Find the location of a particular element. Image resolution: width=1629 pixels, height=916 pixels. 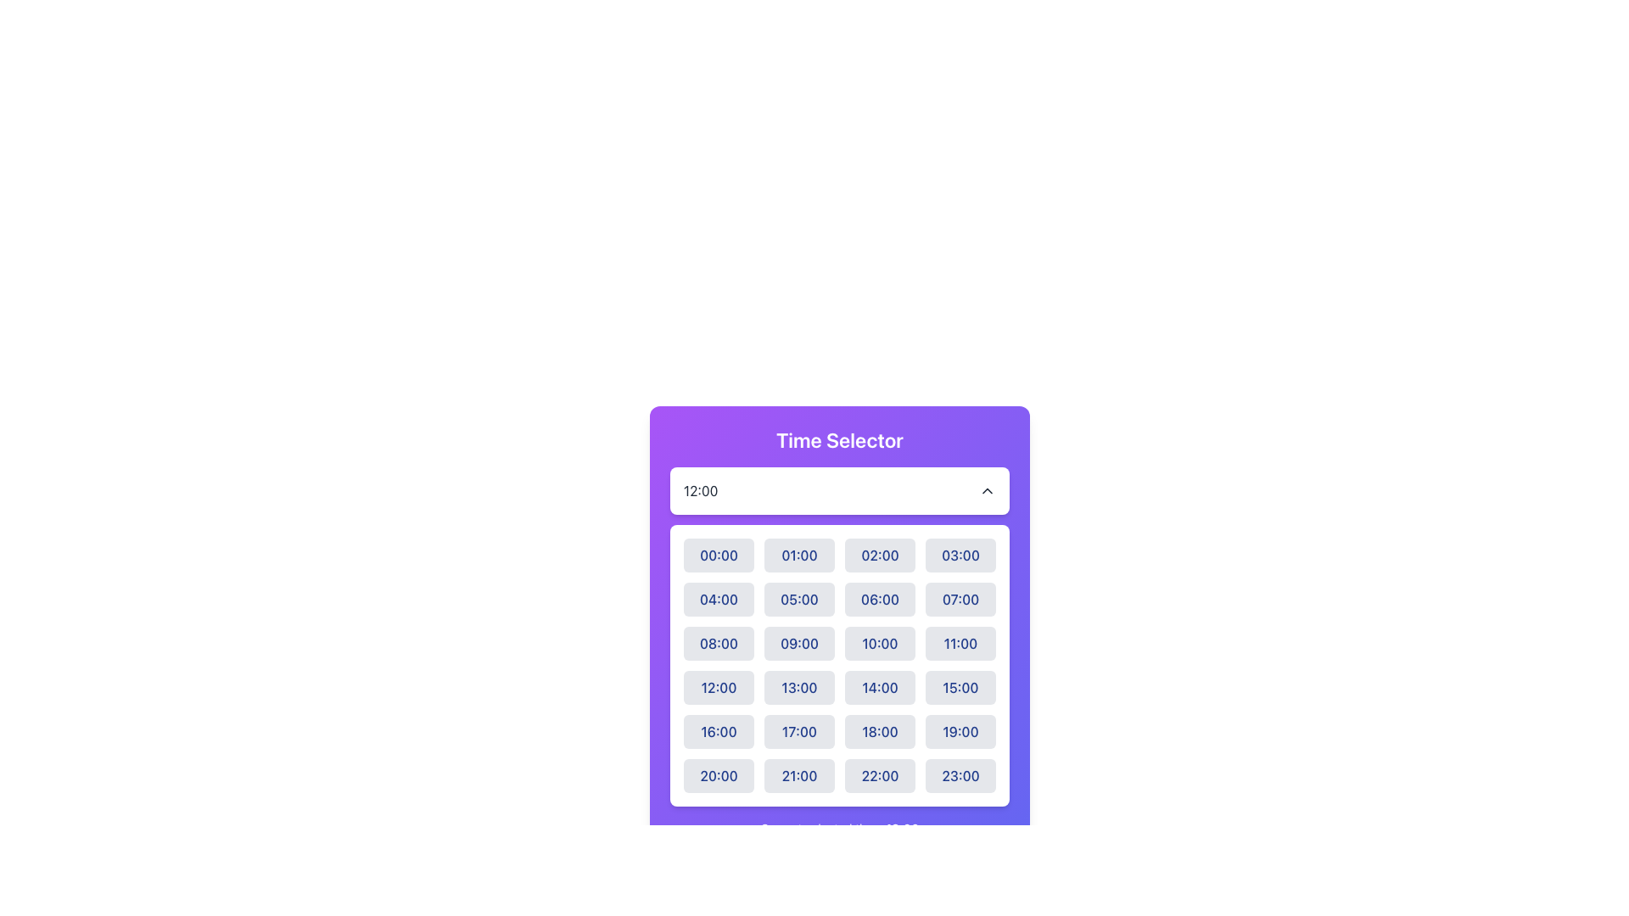

the button labeled '19:00' with a light-grey background is located at coordinates (960, 731).